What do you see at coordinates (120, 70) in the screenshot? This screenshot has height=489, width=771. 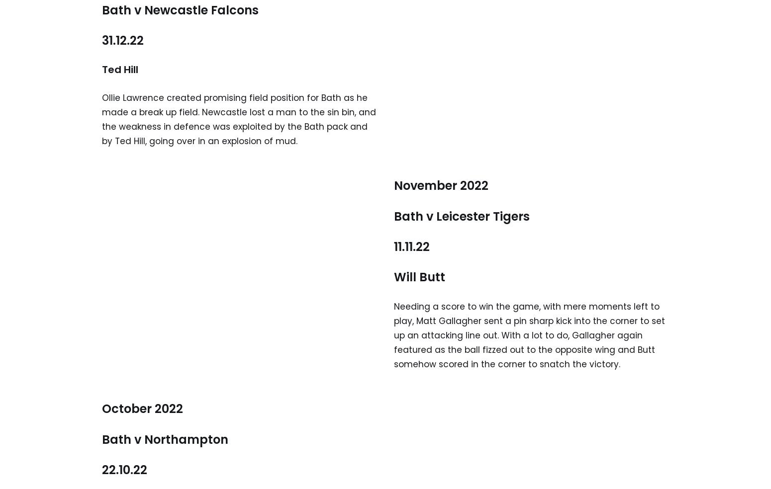 I see `'Ted Hill'` at bounding box center [120, 70].